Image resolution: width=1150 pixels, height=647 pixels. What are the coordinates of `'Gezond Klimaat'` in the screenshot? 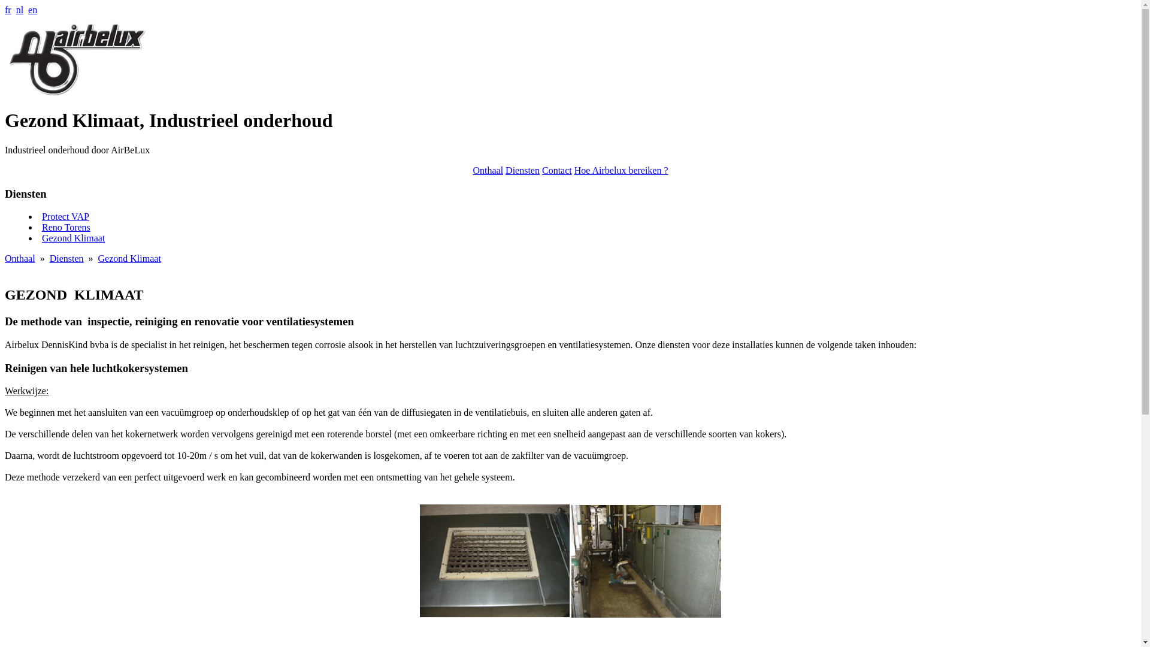 It's located at (72, 238).